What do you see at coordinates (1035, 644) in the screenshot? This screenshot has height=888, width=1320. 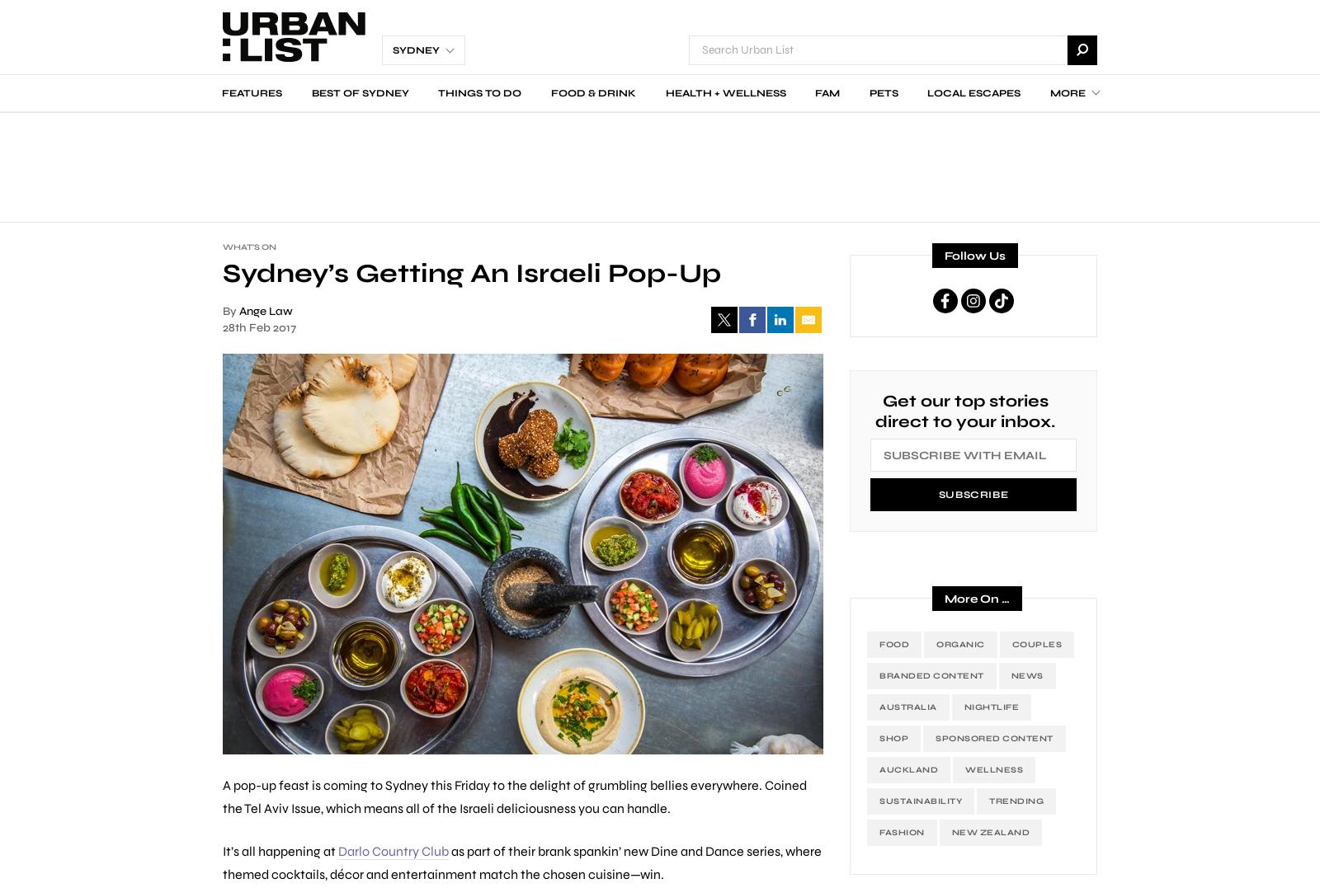 I see `'Couples'` at bounding box center [1035, 644].